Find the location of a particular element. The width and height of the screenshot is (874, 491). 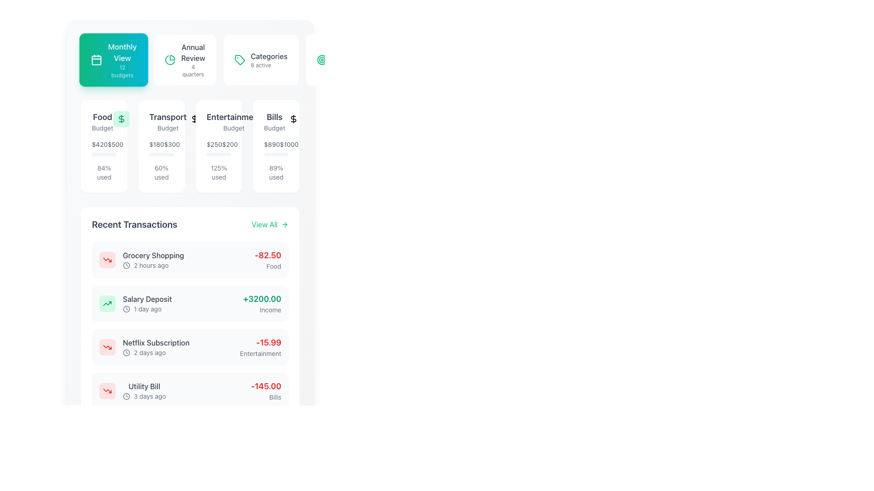

the static informational text reading '2 days ago' paired with a clock icon, located under 'Netflix Subscription' in the 'Recent Transactions' section is located at coordinates (156, 352).